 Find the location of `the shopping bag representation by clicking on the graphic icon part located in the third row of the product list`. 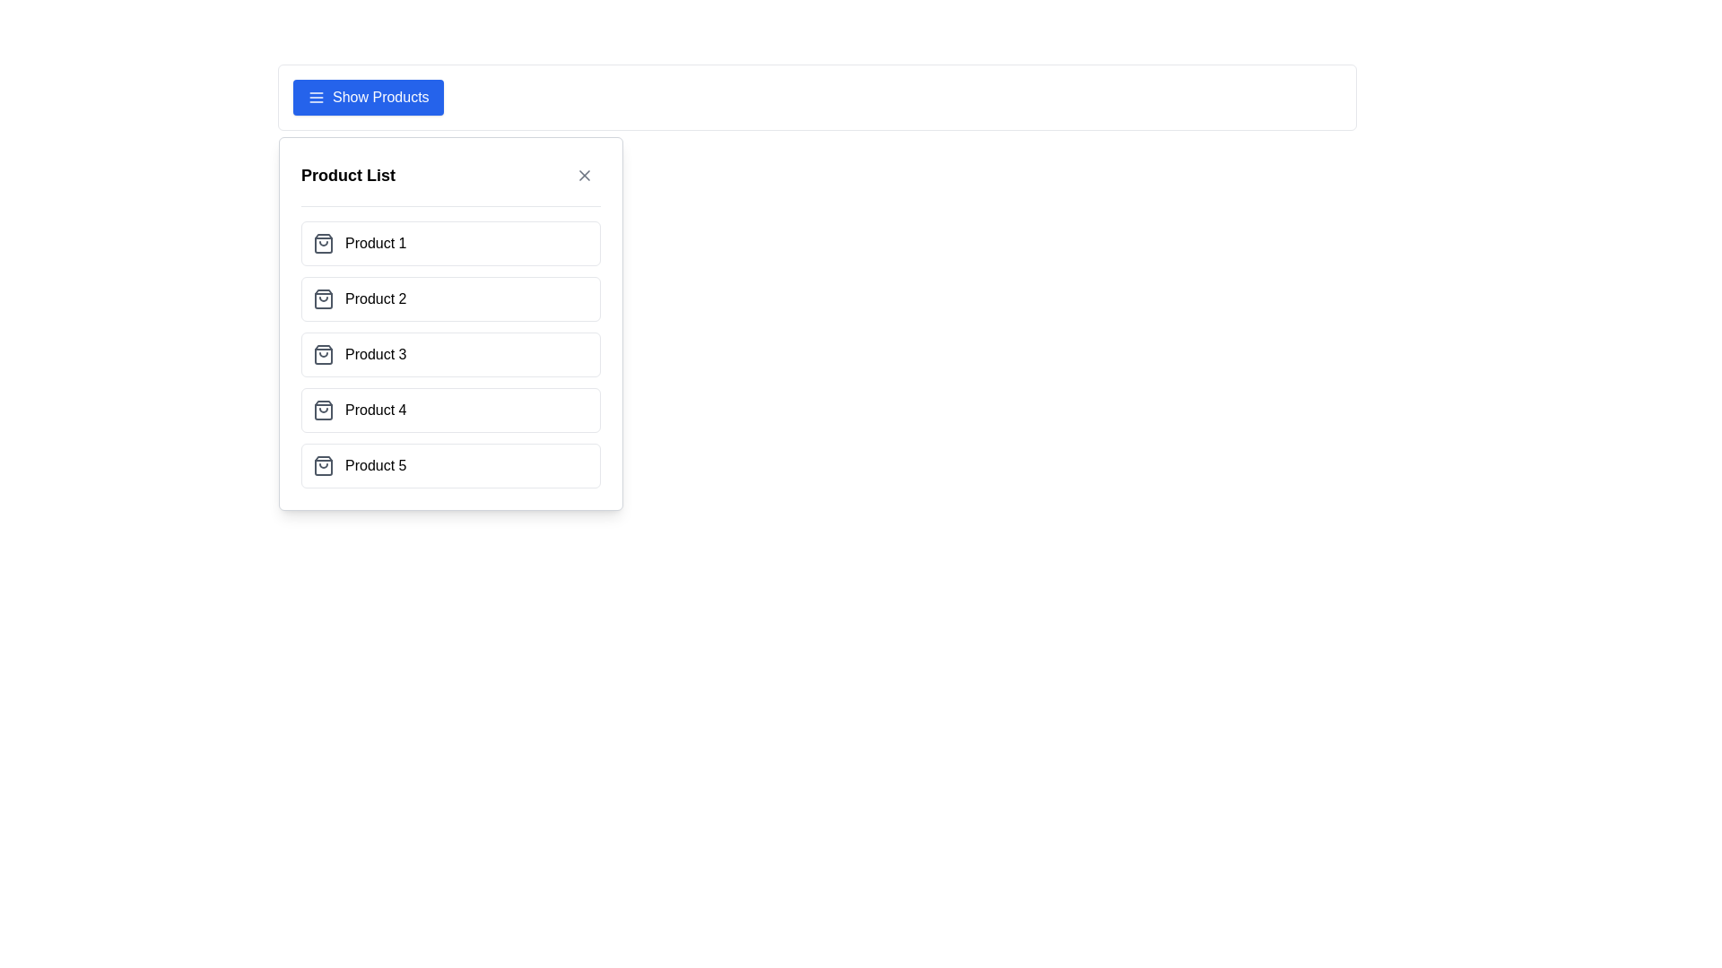

the shopping bag representation by clicking on the graphic icon part located in the third row of the product list is located at coordinates (323, 355).